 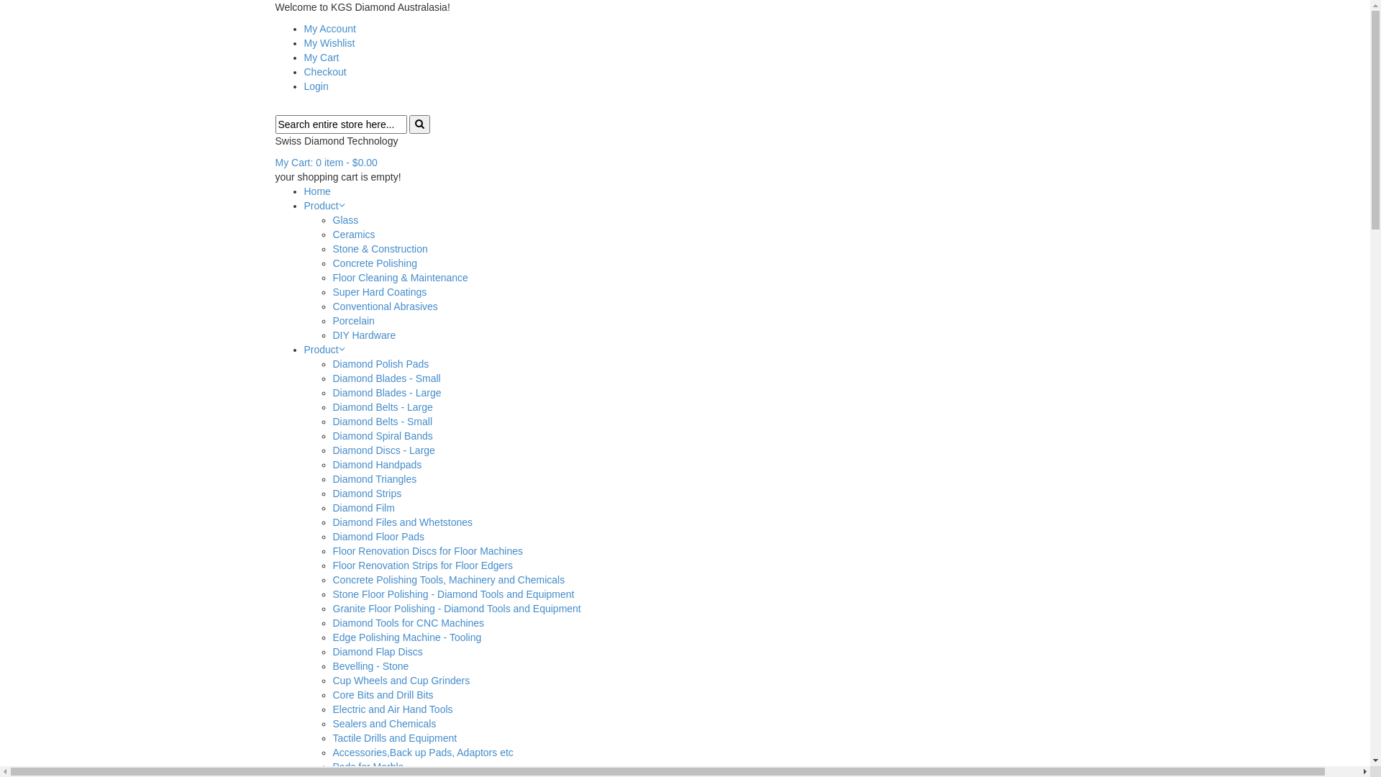 What do you see at coordinates (314, 86) in the screenshot?
I see `'Login'` at bounding box center [314, 86].